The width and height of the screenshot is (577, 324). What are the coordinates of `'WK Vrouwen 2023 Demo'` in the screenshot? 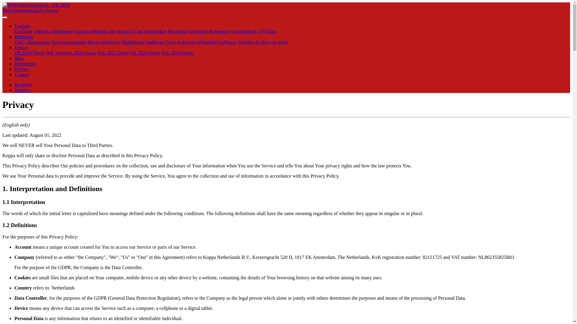 It's located at (71, 52).